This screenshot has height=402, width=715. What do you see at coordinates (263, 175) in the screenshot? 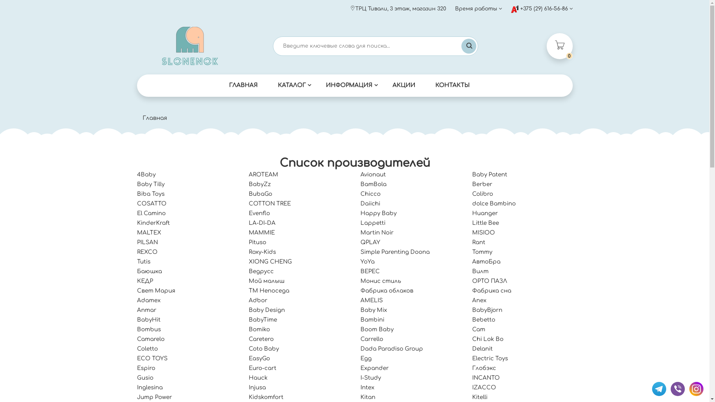
I see `'AROTEAM'` at bounding box center [263, 175].